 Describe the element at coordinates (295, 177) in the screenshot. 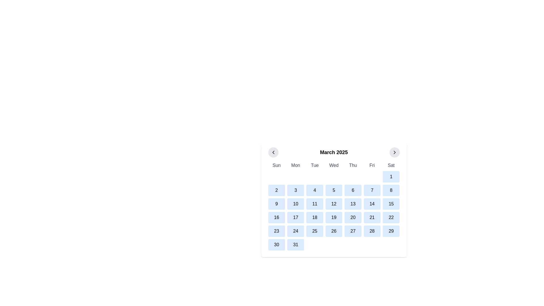

I see `the empty grid cell located directly below 'Mon' in the calendar layout, which is the second square in the first row of blank cells` at that location.